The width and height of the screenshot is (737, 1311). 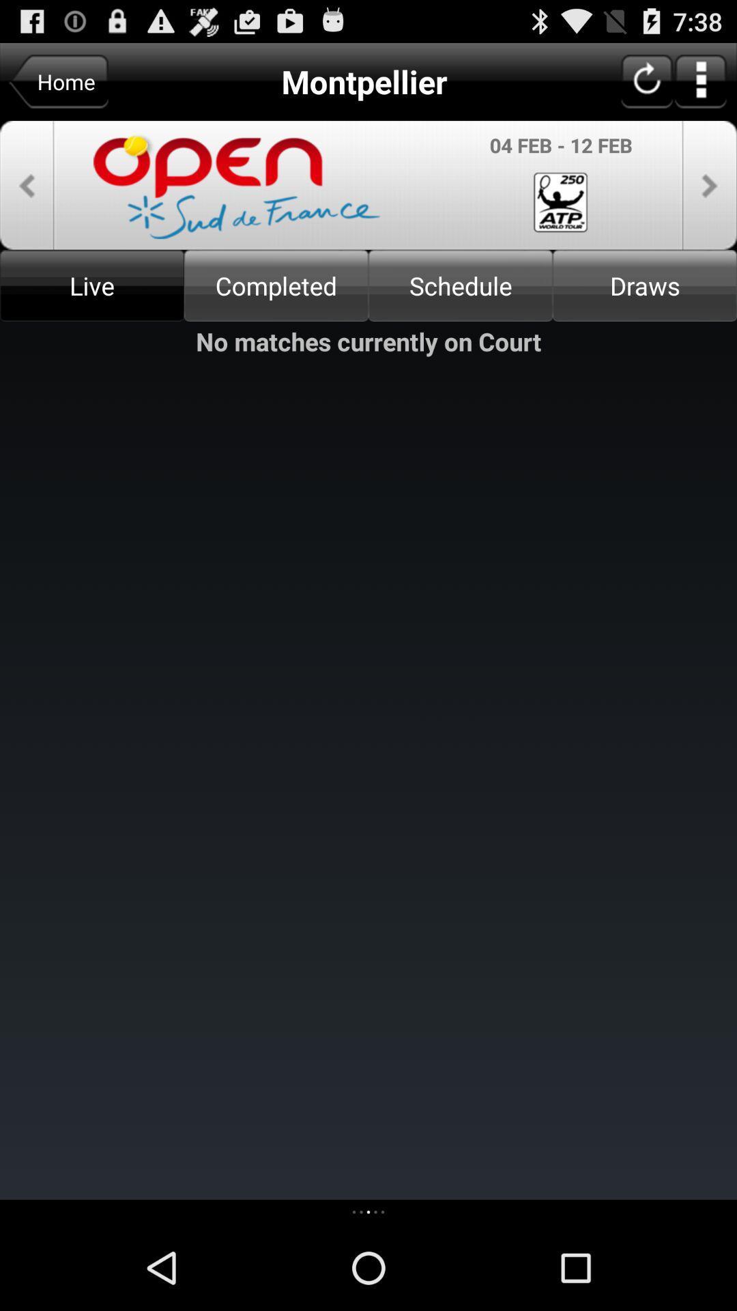 I want to click on the completed button next to the live button, so click(x=276, y=285).